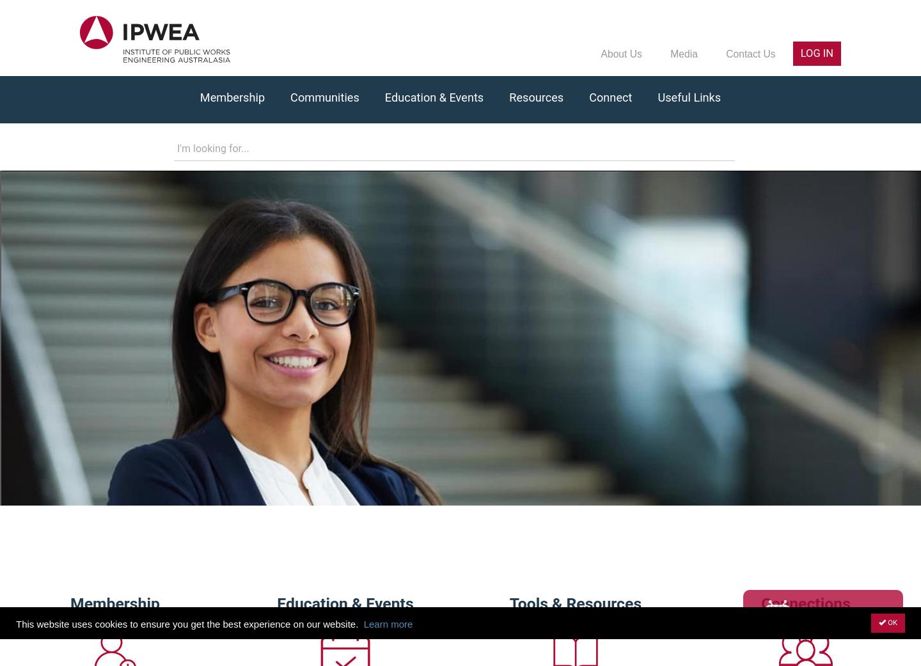 This screenshot has height=666, width=921. Describe the element at coordinates (509, 602) in the screenshot. I see `'Tools & Resources'` at that location.